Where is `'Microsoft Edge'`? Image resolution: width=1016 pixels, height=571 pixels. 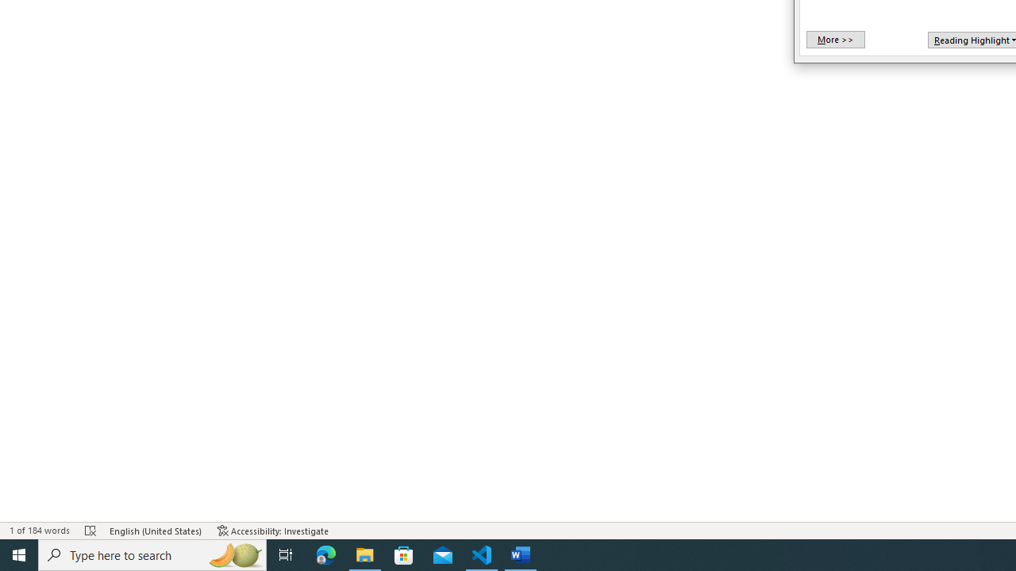
'Microsoft Edge' is located at coordinates (325, 554).